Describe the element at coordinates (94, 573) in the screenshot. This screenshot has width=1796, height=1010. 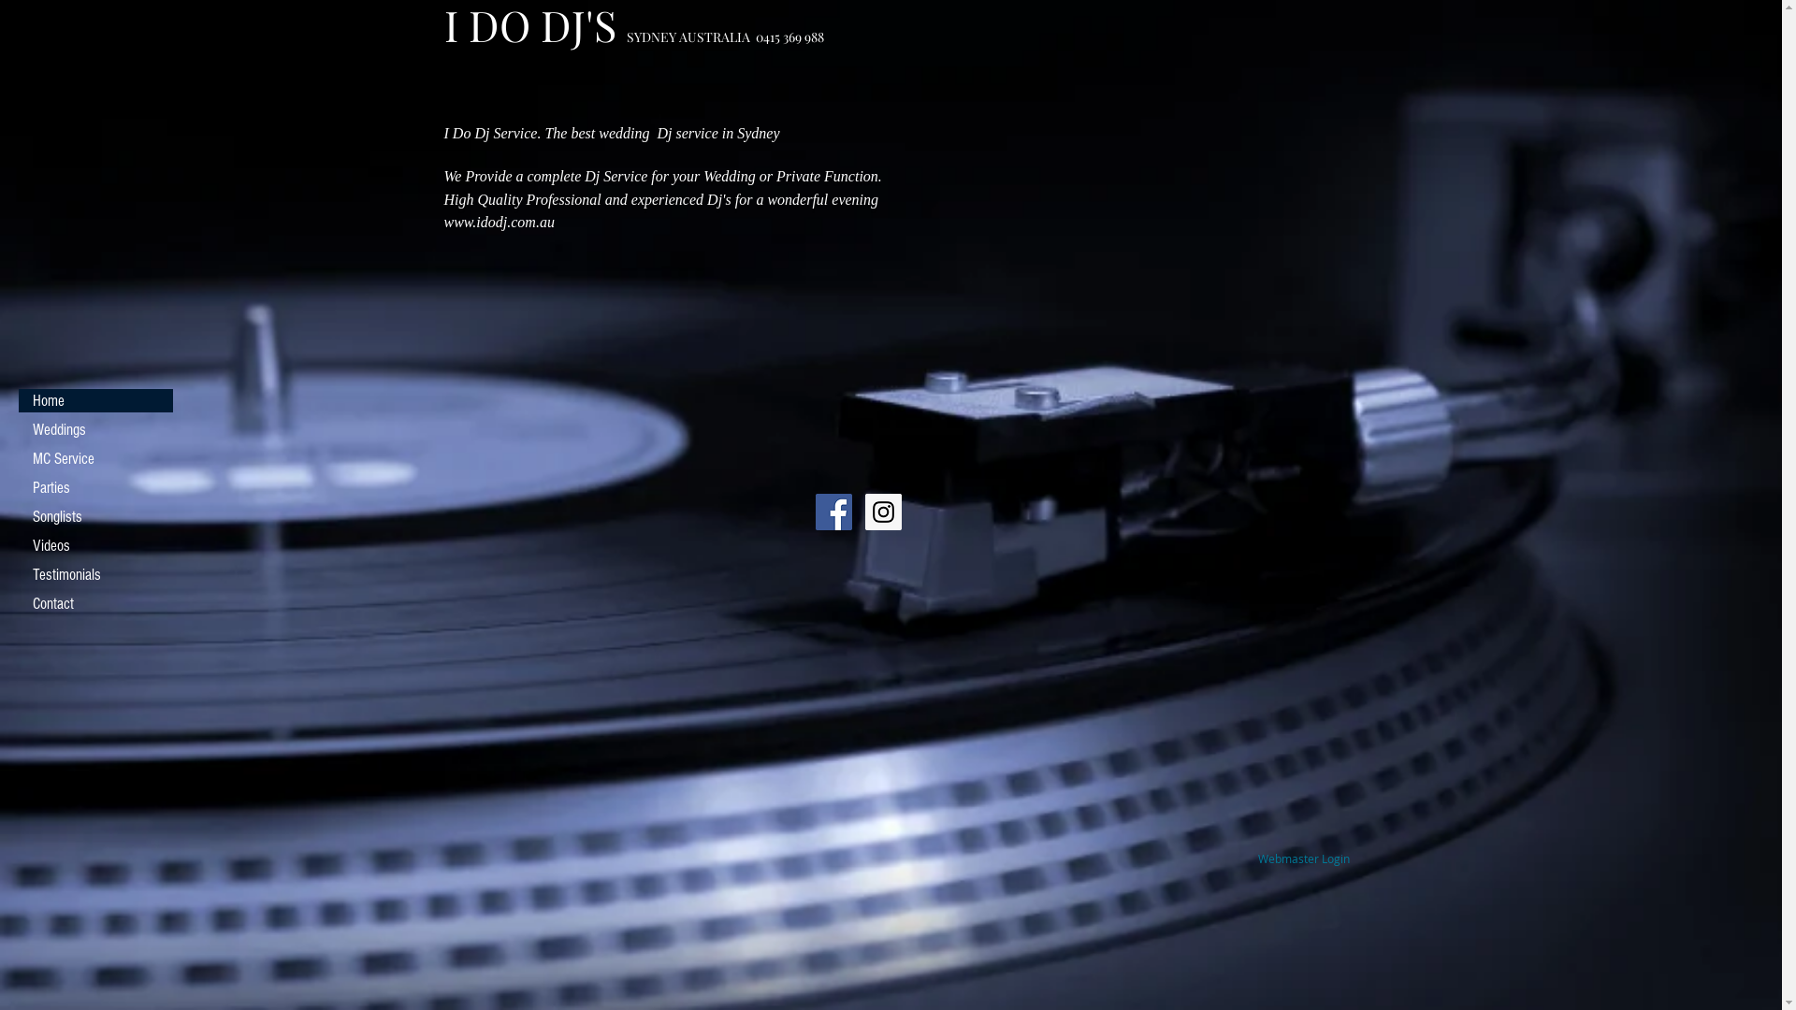
I see `'Testimonials'` at that location.